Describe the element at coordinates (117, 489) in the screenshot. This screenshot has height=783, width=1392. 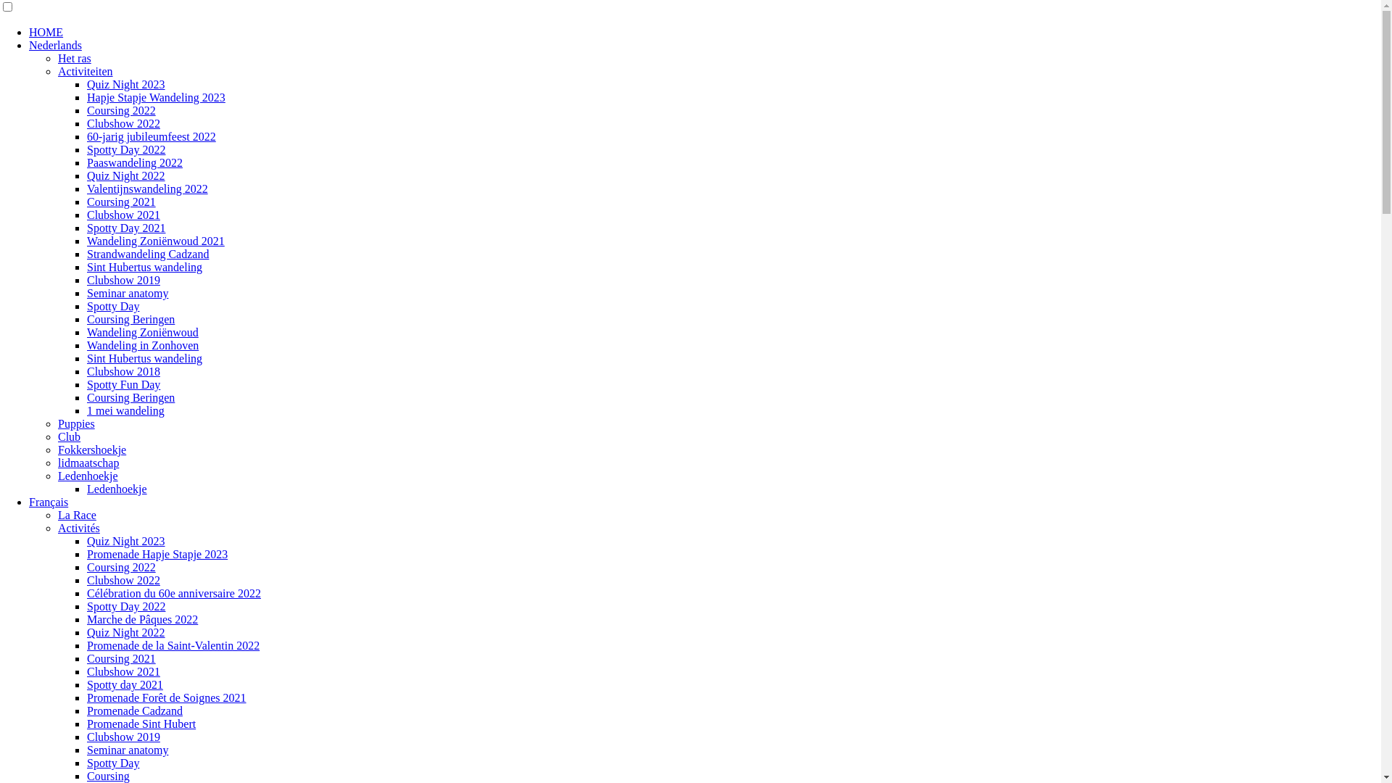
I see `'Ledenhoekje'` at that location.